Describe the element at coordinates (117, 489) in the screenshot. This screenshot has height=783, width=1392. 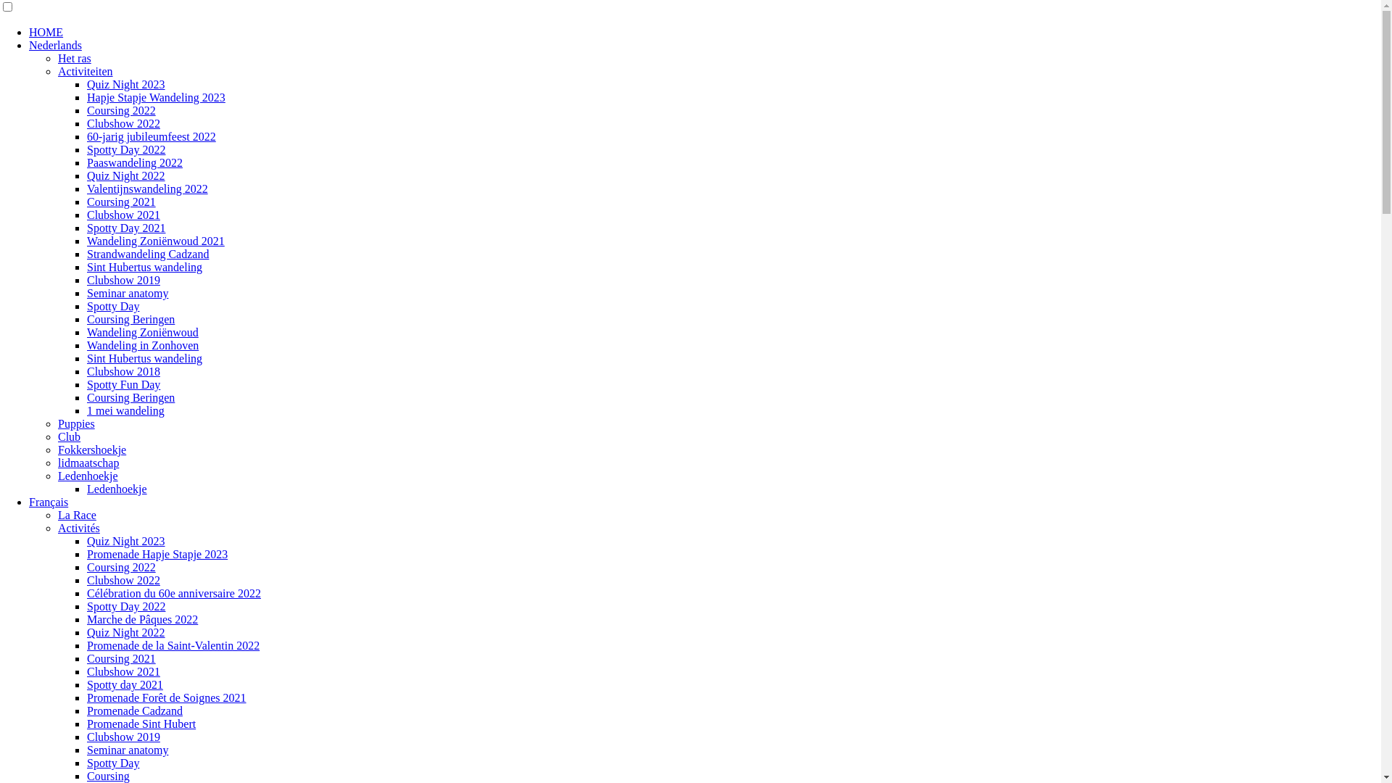
I see `'Ledenhoekje'` at that location.